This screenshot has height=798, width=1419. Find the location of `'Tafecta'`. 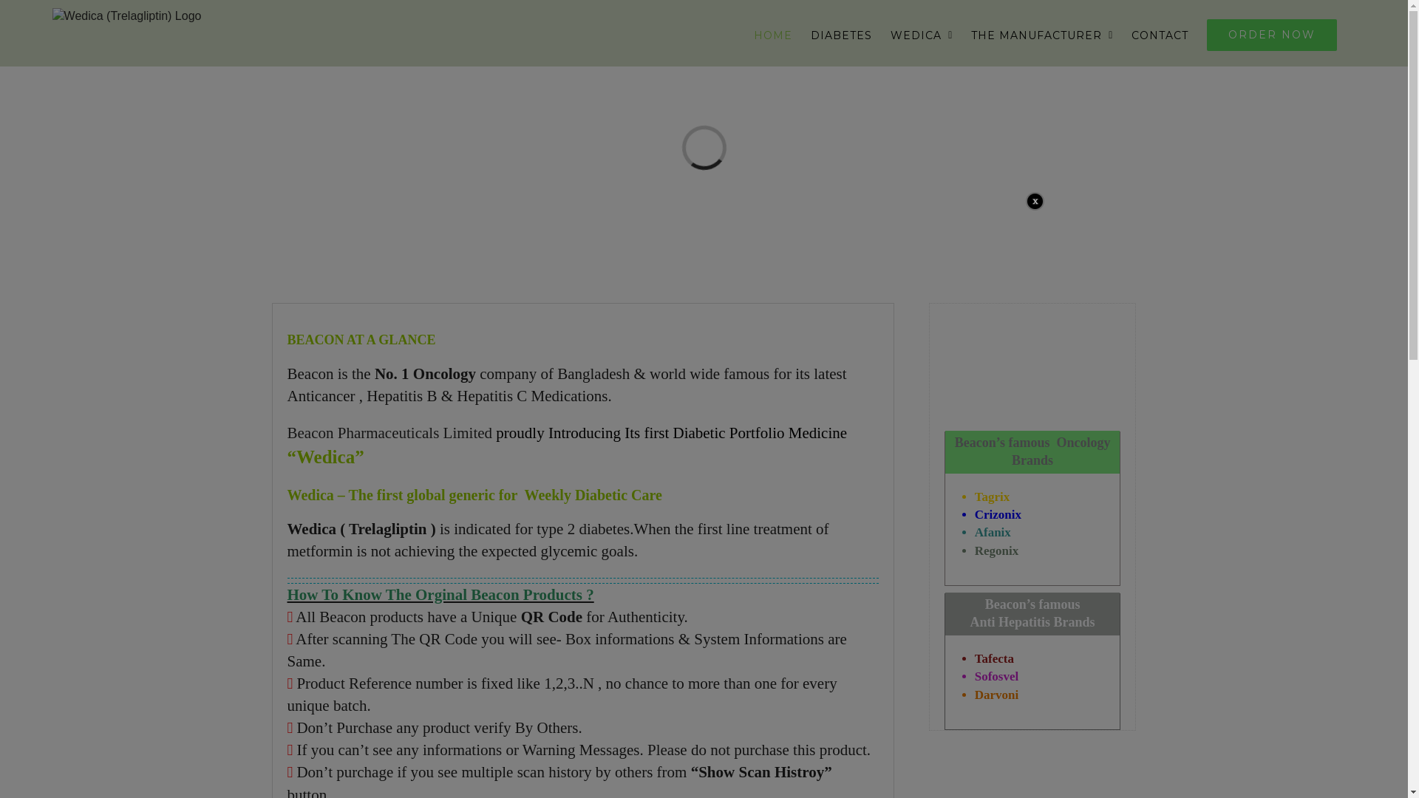

'Tafecta' is located at coordinates (994, 658).